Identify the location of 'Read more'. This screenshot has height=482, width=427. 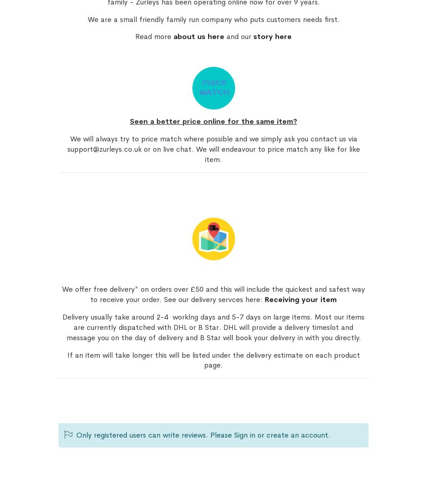
(134, 36).